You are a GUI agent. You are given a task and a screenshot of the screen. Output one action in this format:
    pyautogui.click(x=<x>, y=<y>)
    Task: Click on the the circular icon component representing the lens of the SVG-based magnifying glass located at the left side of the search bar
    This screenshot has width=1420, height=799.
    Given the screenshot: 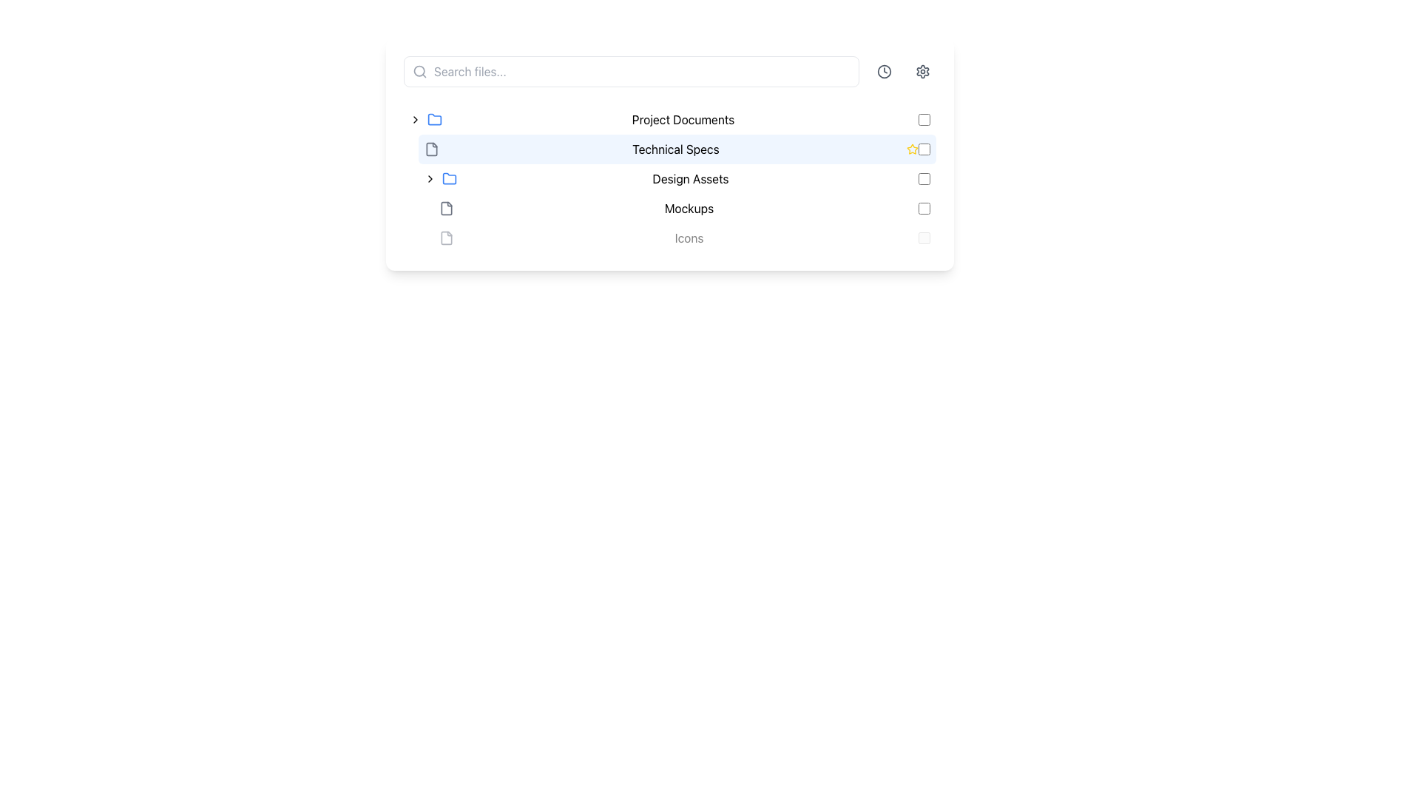 What is the action you would take?
    pyautogui.click(x=419, y=71)
    